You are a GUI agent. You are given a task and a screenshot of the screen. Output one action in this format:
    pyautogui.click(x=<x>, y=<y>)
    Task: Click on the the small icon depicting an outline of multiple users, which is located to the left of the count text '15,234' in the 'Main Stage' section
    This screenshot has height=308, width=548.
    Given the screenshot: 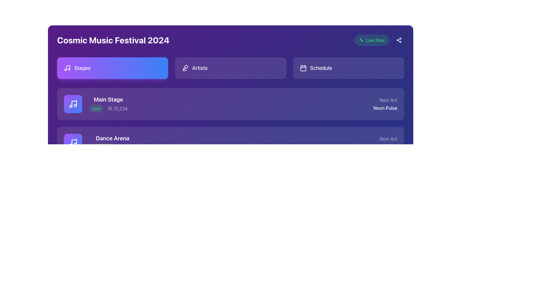 What is the action you would take?
    pyautogui.click(x=110, y=109)
    